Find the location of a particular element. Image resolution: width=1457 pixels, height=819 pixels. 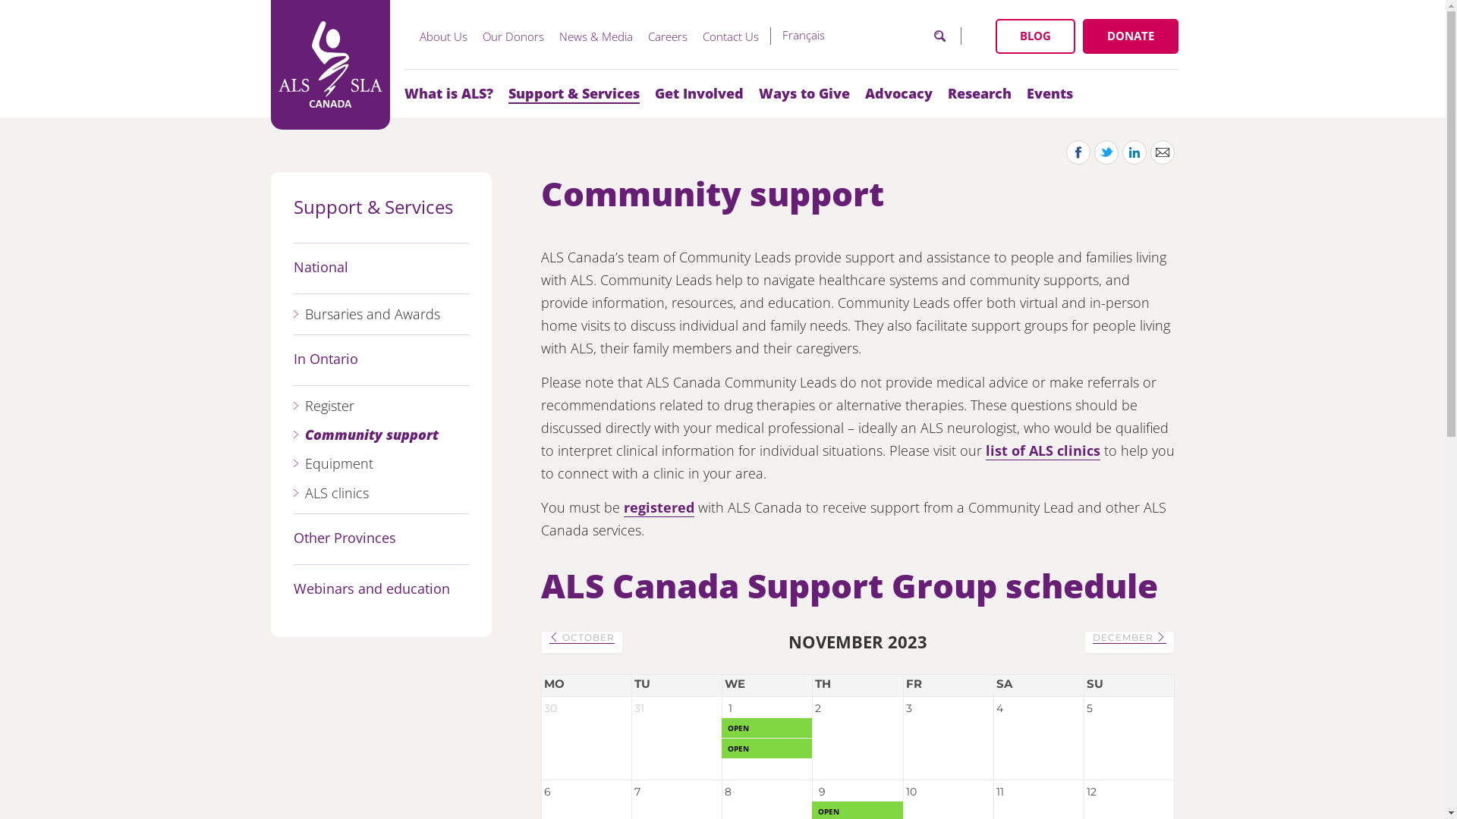

'OPEN' is located at coordinates (767, 747).